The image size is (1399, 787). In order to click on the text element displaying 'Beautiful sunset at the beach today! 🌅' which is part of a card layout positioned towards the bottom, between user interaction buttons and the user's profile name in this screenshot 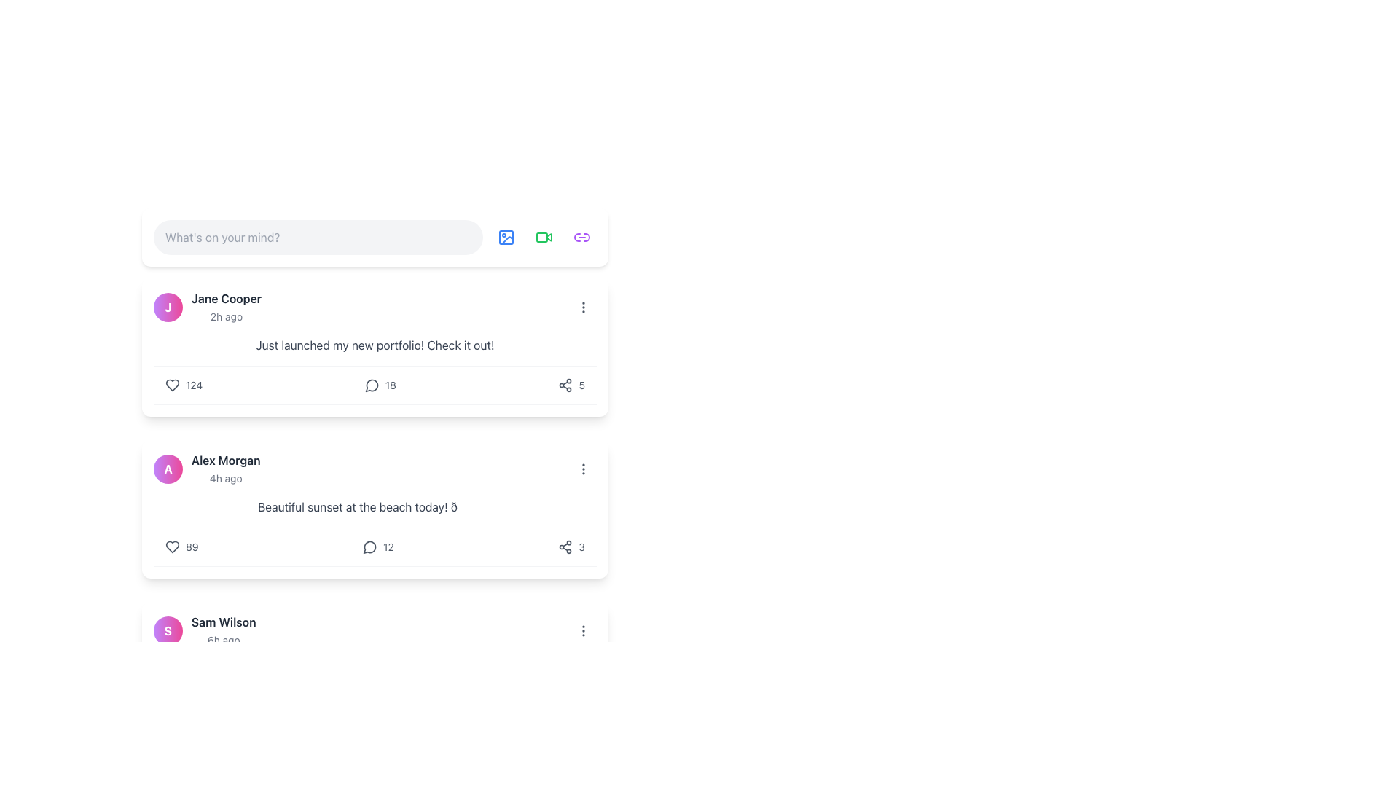, I will do `click(375, 506)`.